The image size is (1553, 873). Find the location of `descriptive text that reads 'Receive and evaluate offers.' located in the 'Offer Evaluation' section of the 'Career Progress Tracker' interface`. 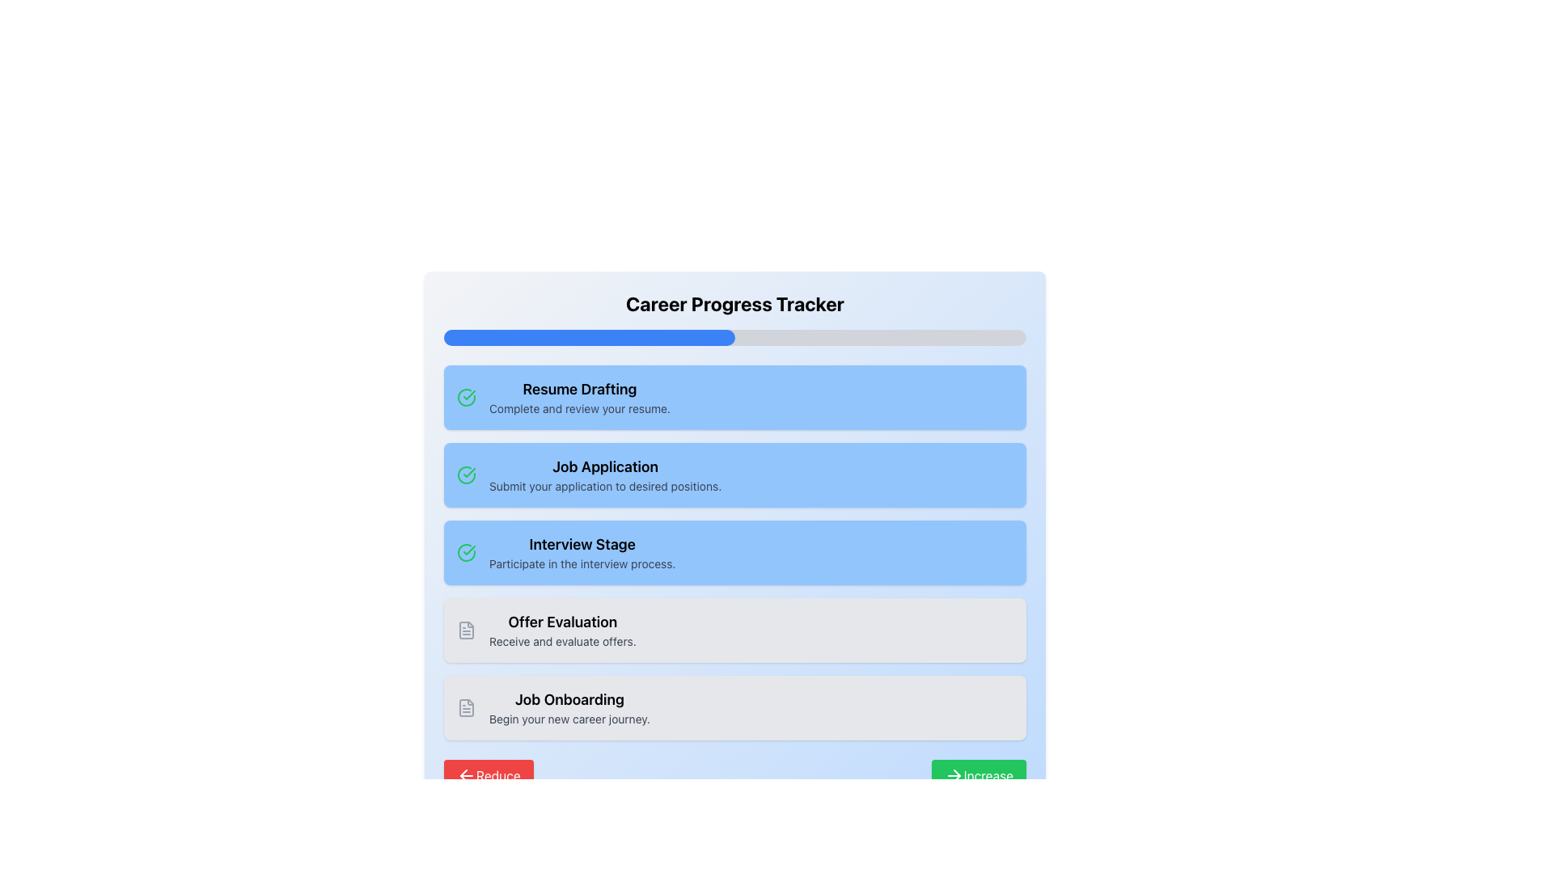

descriptive text that reads 'Receive and evaluate offers.' located in the 'Offer Evaluation' section of the 'Career Progress Tracker' interface is located at coordinates (562, 641).